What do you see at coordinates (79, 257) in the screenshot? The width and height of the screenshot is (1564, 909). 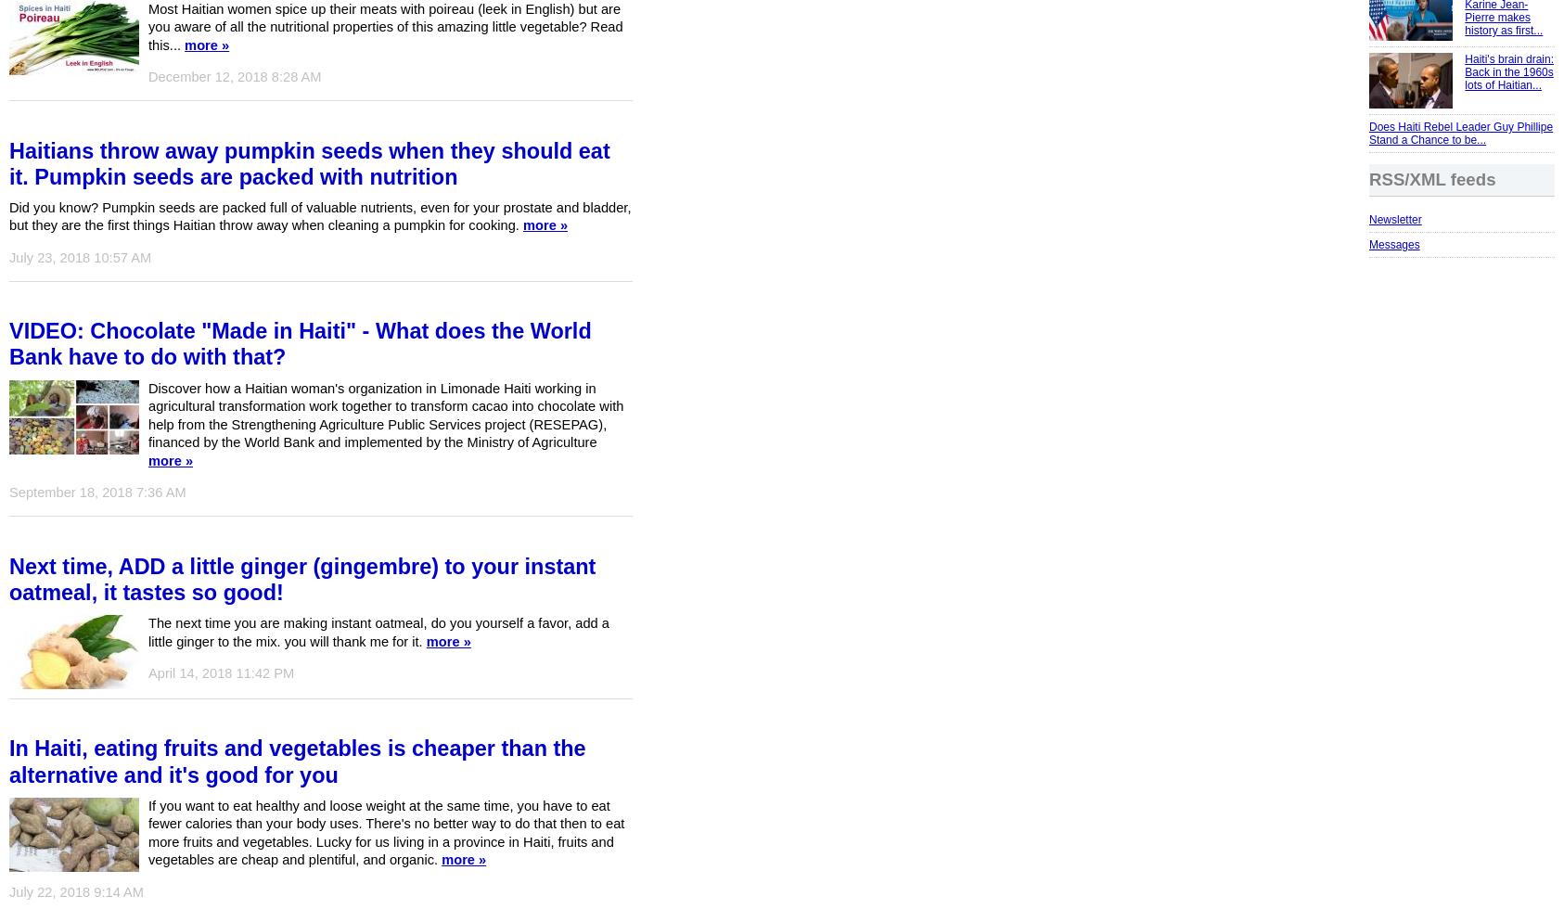 I see `'July 23, 2018 10:57 AM'` at bounding box center [79, 257].